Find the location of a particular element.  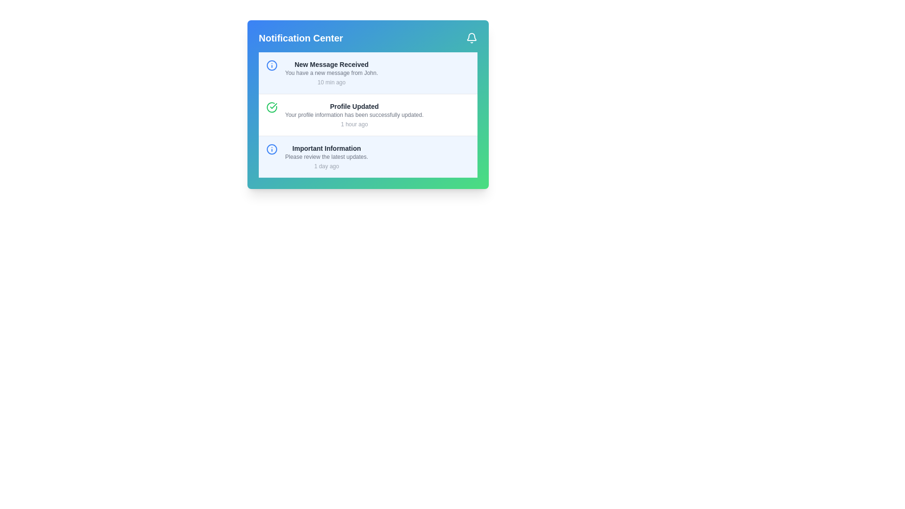

the title text of the notification entry in the Notification Center, which summarizes the update's nature and is positioned centrally in the second notification entry is located at coordinates (354, 106).